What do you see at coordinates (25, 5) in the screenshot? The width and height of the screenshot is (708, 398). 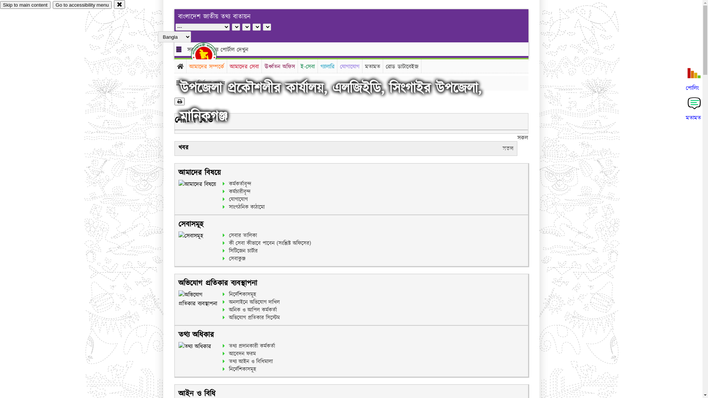 I see `'Skip to main content'` at bounding box center [25, 5].